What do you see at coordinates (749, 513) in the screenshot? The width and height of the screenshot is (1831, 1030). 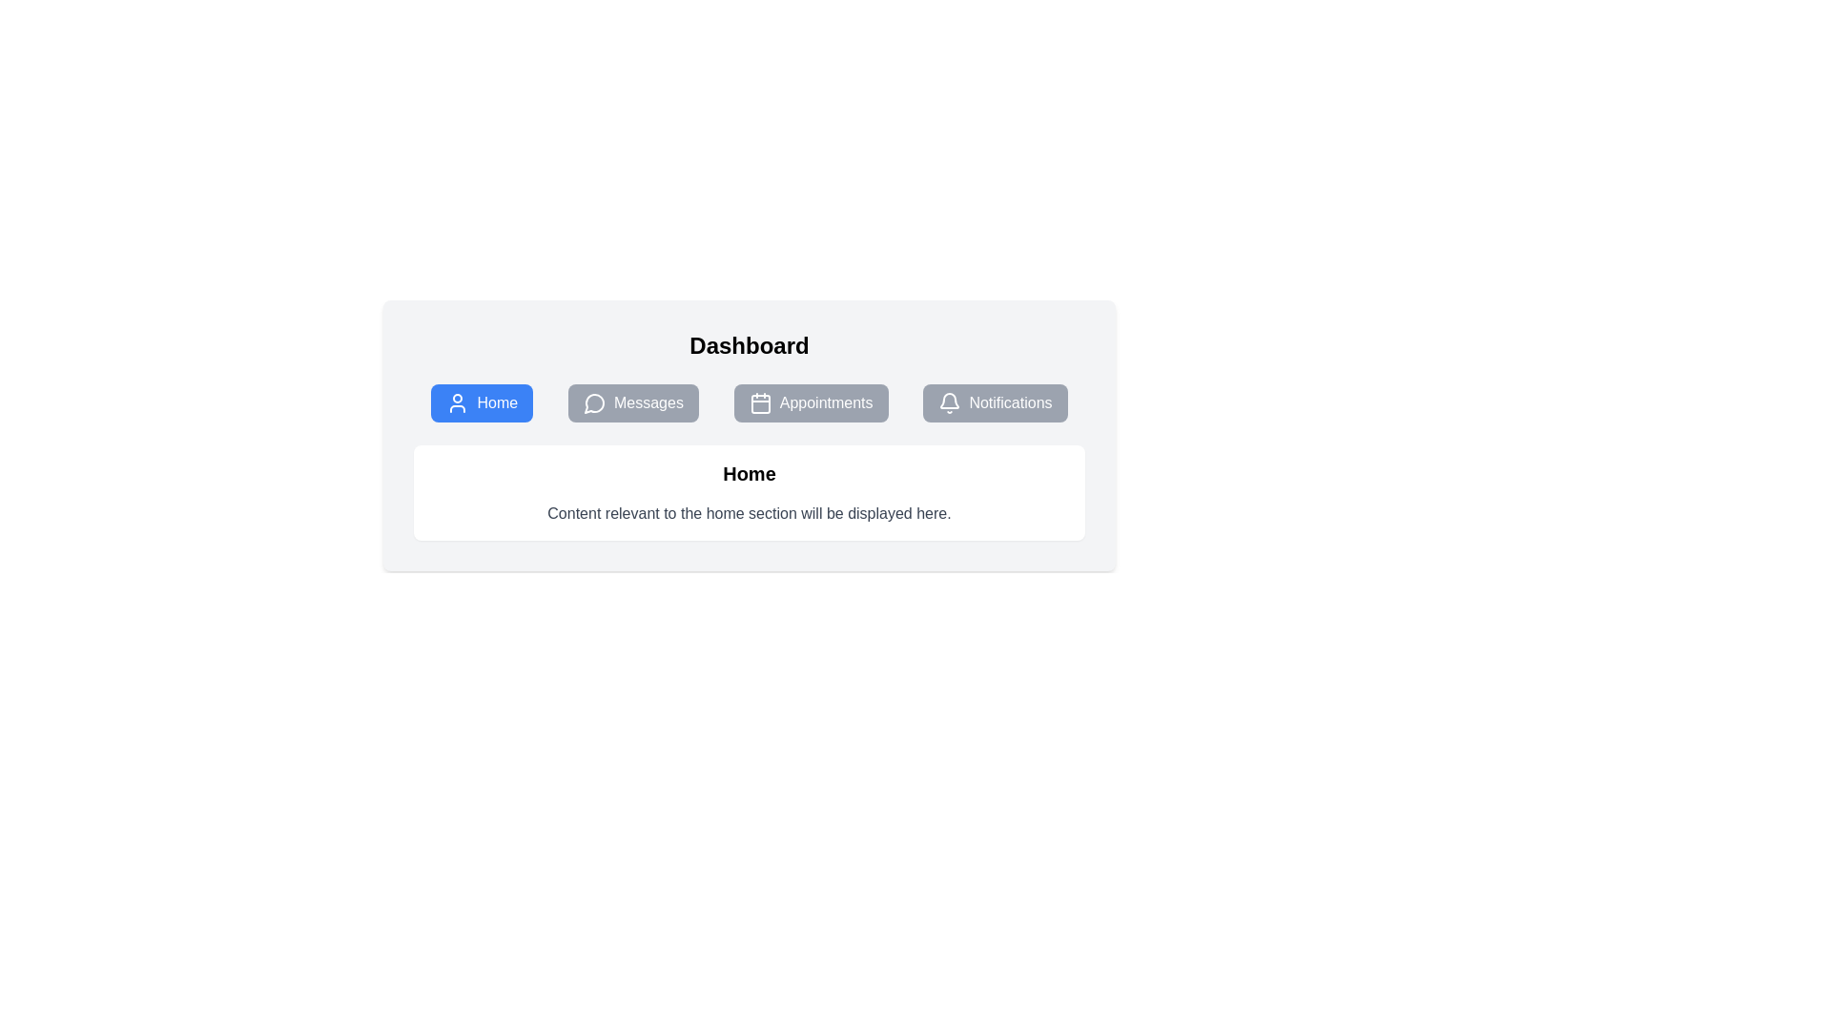 I see `the static text element that displays information for the 'Home' section, located directly below the title 'Home'` at bounding box center [749, 513].